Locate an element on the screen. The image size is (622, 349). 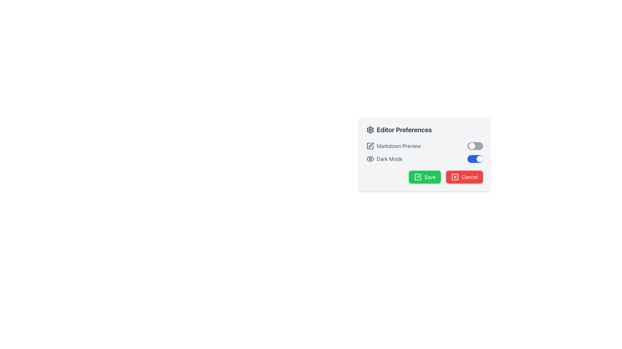
the pen-shaped icon located in the top-left corner of the 'Editor Preferences' modal, which is within a square boundary is located at coordinates (371, 144).